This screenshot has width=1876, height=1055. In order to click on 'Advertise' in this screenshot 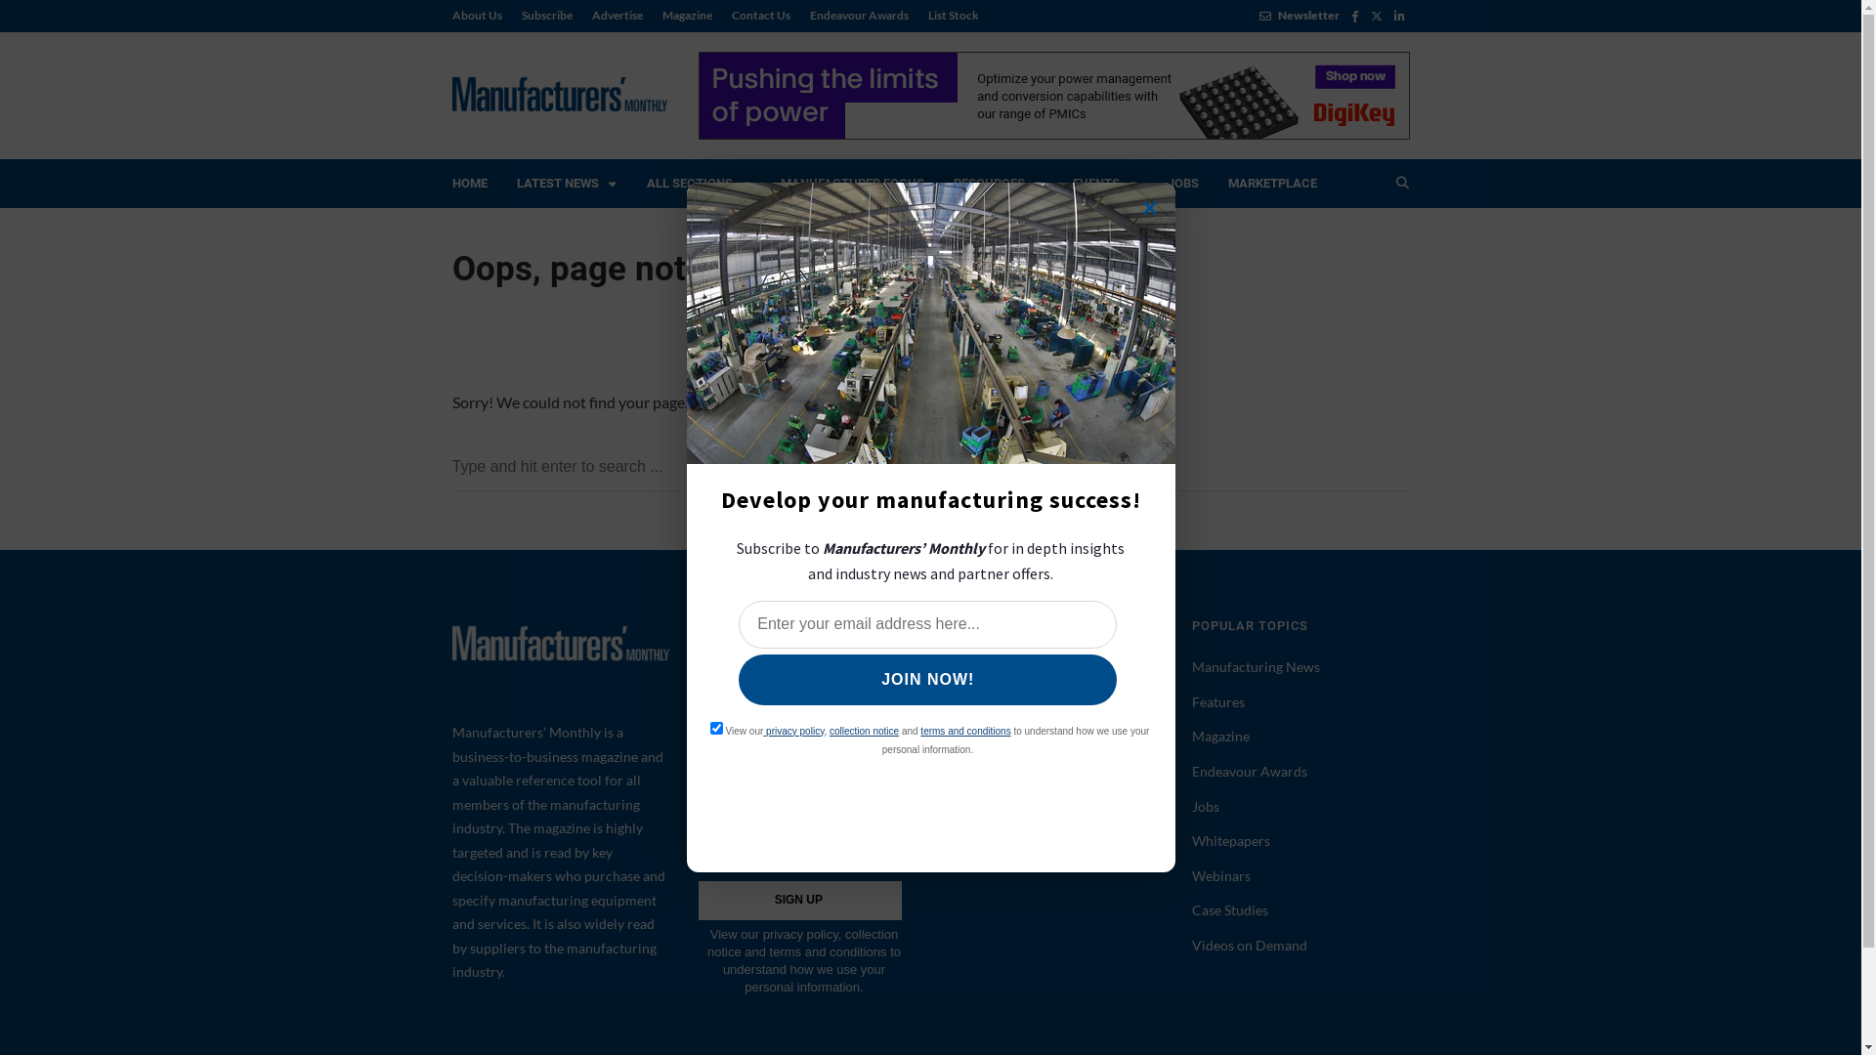, I will do `click(617, 15)`.